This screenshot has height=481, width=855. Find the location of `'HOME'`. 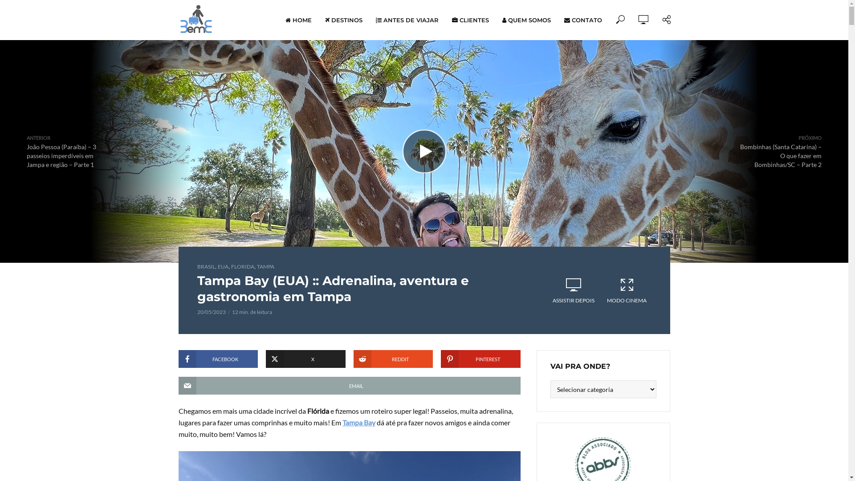

'HOME' is located at coordinates (278, 20).